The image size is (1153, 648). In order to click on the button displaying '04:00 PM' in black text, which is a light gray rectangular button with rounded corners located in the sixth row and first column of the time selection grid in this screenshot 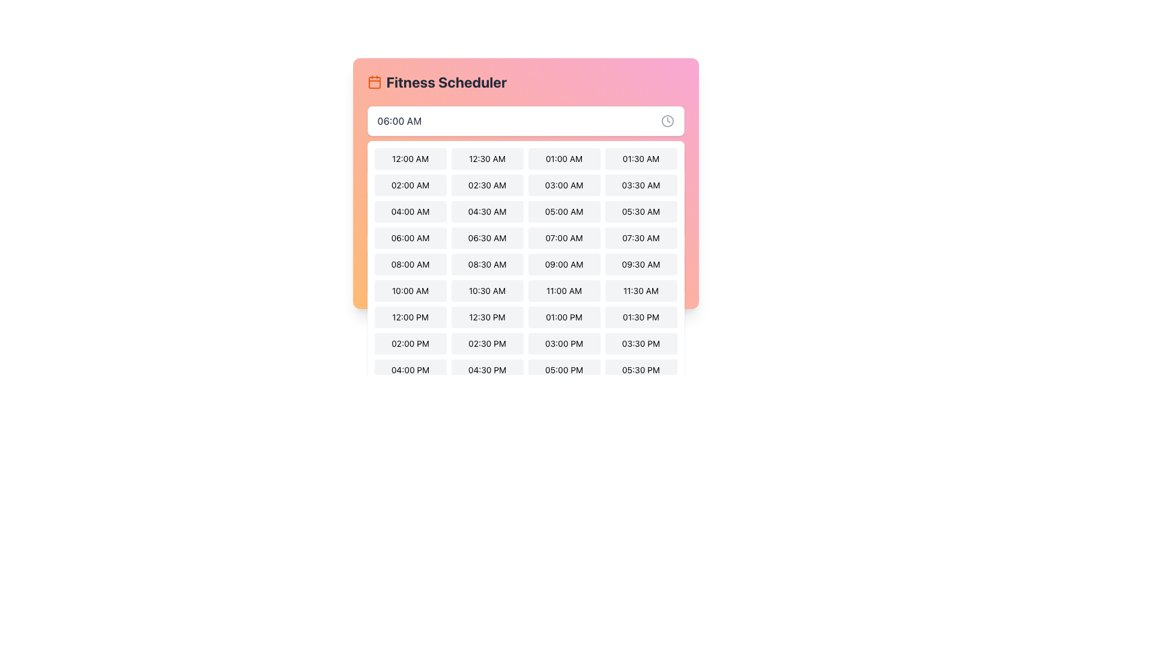, I will do `click(410, 370)`.